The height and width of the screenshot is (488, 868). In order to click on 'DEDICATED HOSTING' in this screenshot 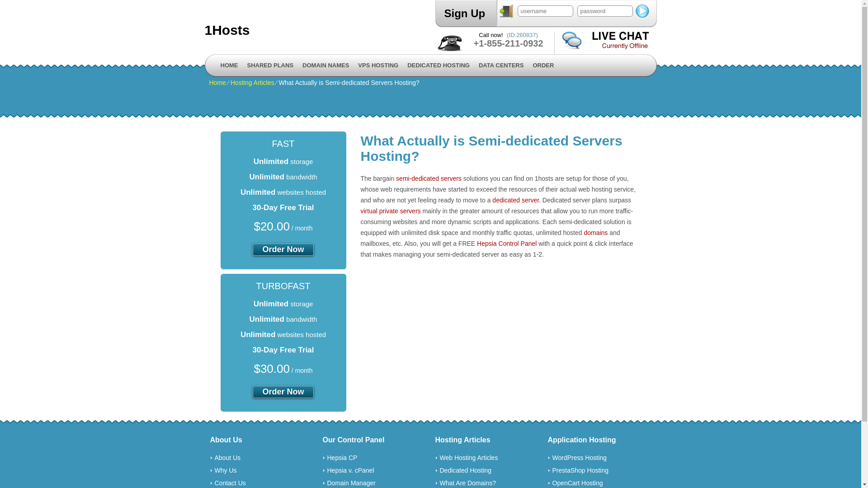, I will do `click(438, 65)`.